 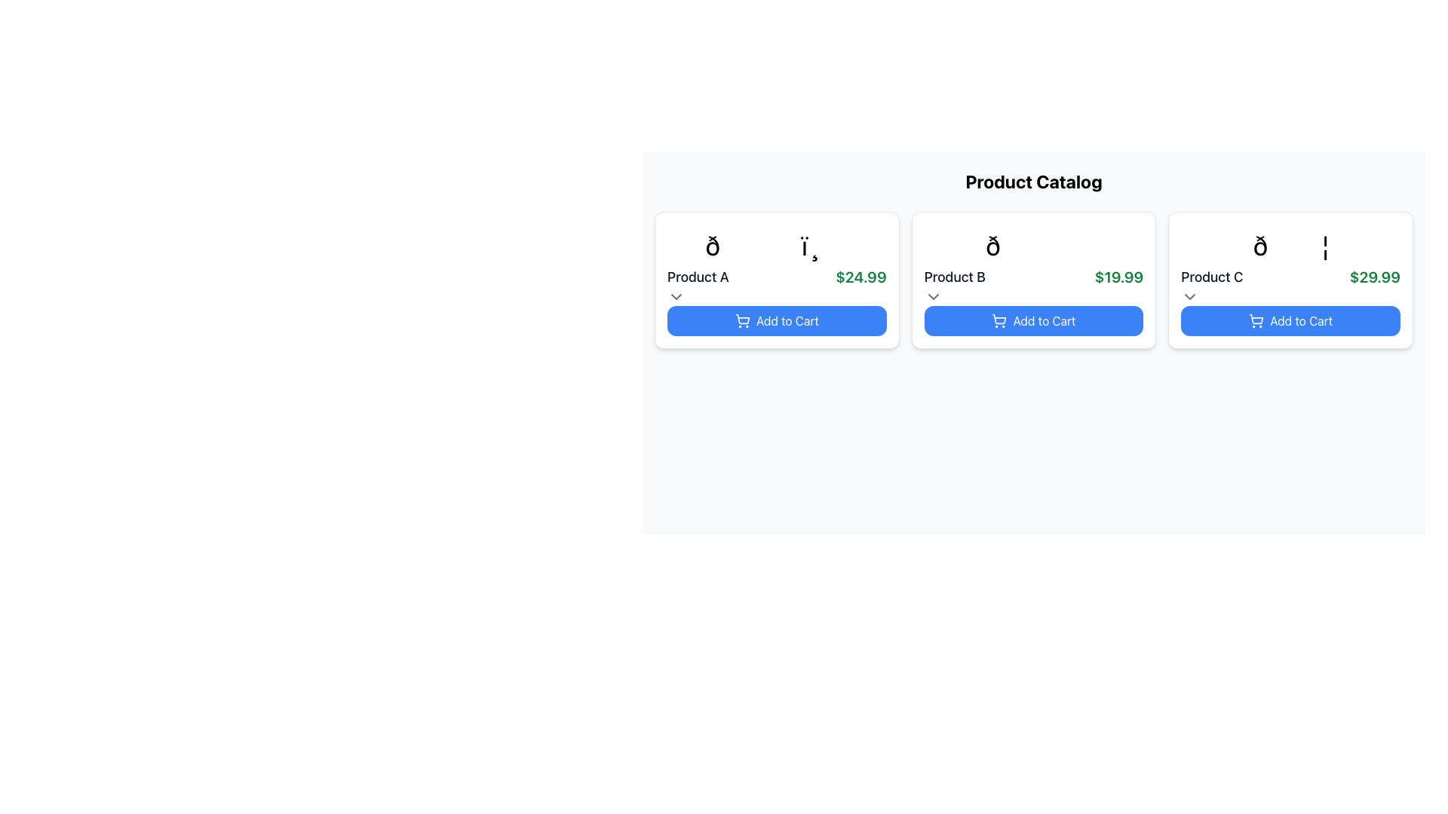 What do you see at coordinates (742, 320) in the screenshot?
I see `the shopping cart icon located on the left side of the 'Add to Cart' button in the 'Product A' card` at bounding box center [742, 320].